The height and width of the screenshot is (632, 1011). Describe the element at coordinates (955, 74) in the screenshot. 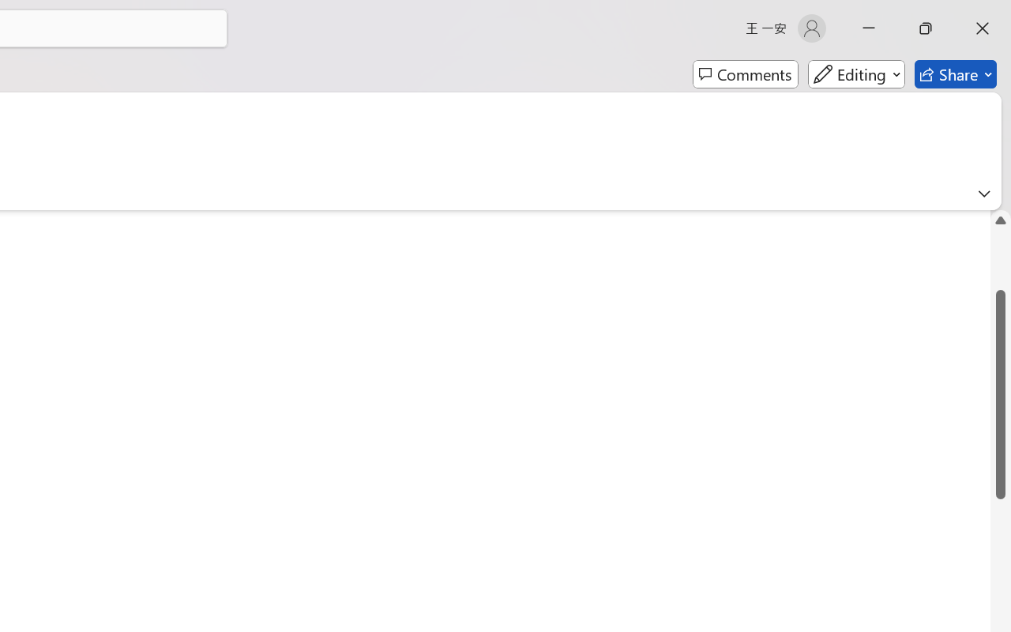

I see `'Share'` at that location.